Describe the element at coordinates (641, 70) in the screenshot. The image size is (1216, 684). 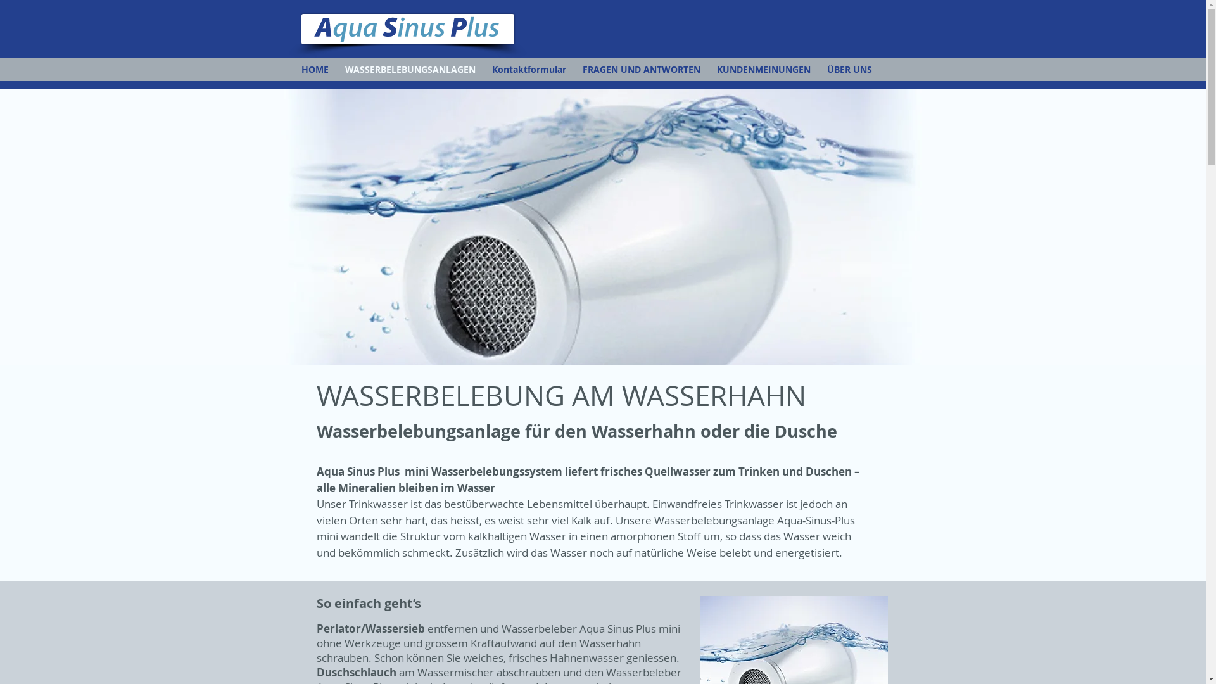
I see `'FRAGEN UND ANTWORTEN'` at that location.